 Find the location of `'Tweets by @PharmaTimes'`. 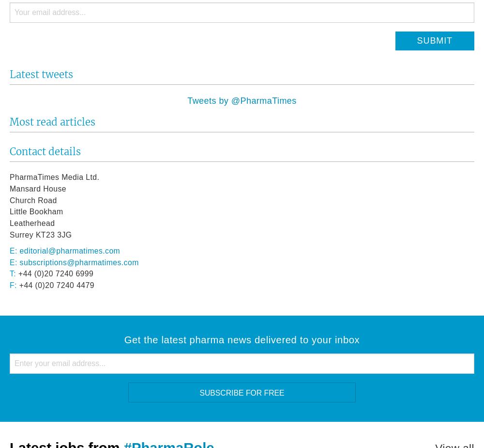

'Tweets by @PharmaTimes' is located at coordinates (241, 100).